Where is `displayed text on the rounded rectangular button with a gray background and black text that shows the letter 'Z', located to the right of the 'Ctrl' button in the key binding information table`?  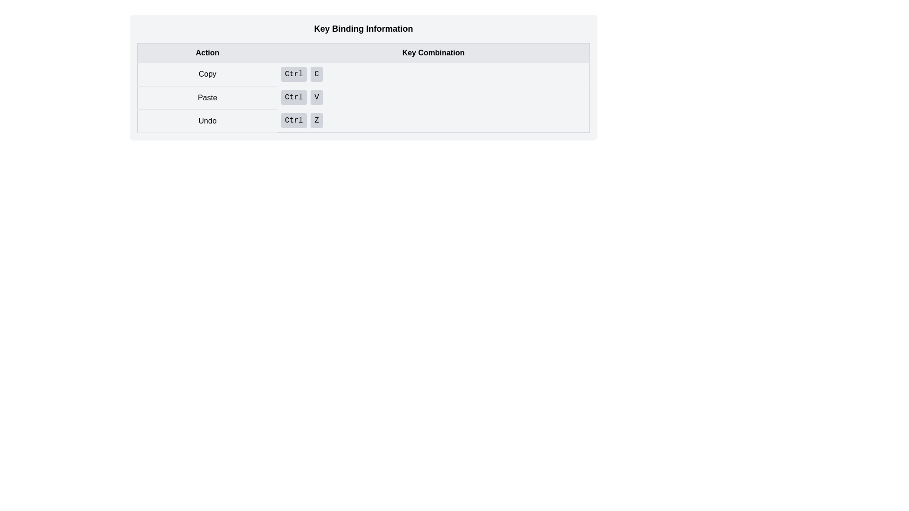 displayed text on the rounded rectangular button with a gray background and black text that shows the letter 'Z', located to the right of the 'Ctrl' button in the key binding information table is located at coordinates (316, 120).